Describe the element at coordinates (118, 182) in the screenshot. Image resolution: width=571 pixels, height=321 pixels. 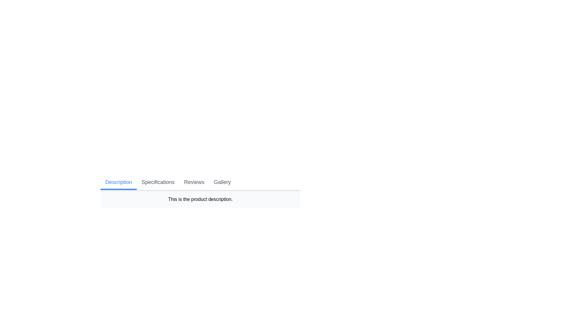
I see `the Description tab by clicking on its button` at that location.